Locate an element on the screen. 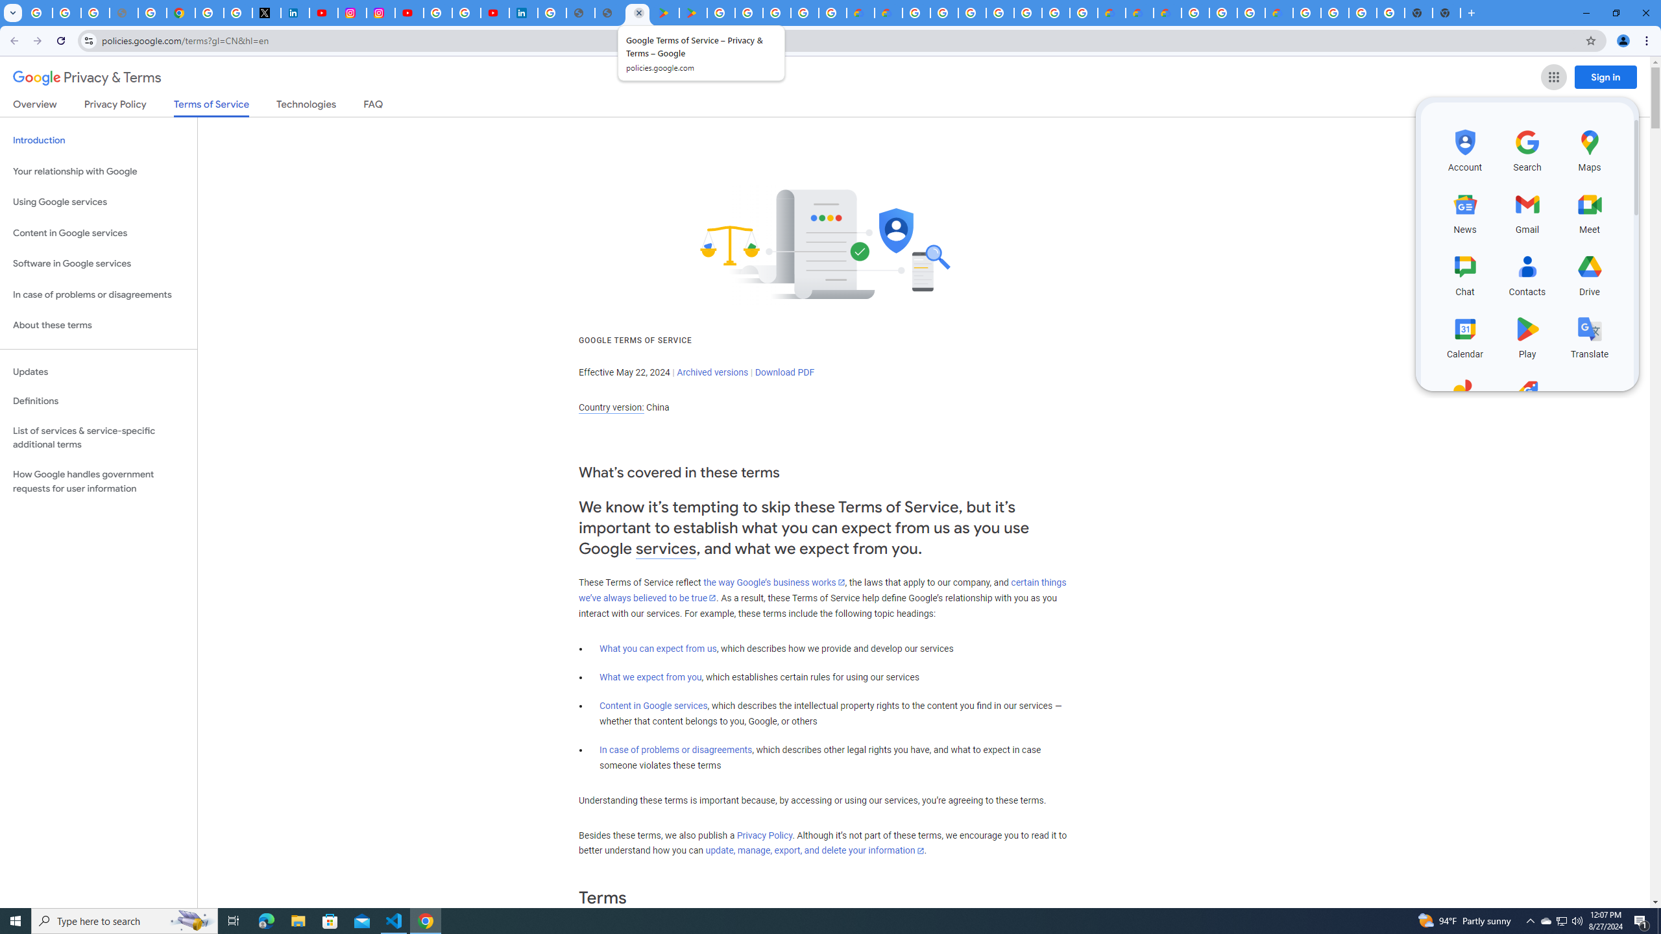 The image size is (1661, 934). 'Content in Google services' is located at coordinates (653, 705).